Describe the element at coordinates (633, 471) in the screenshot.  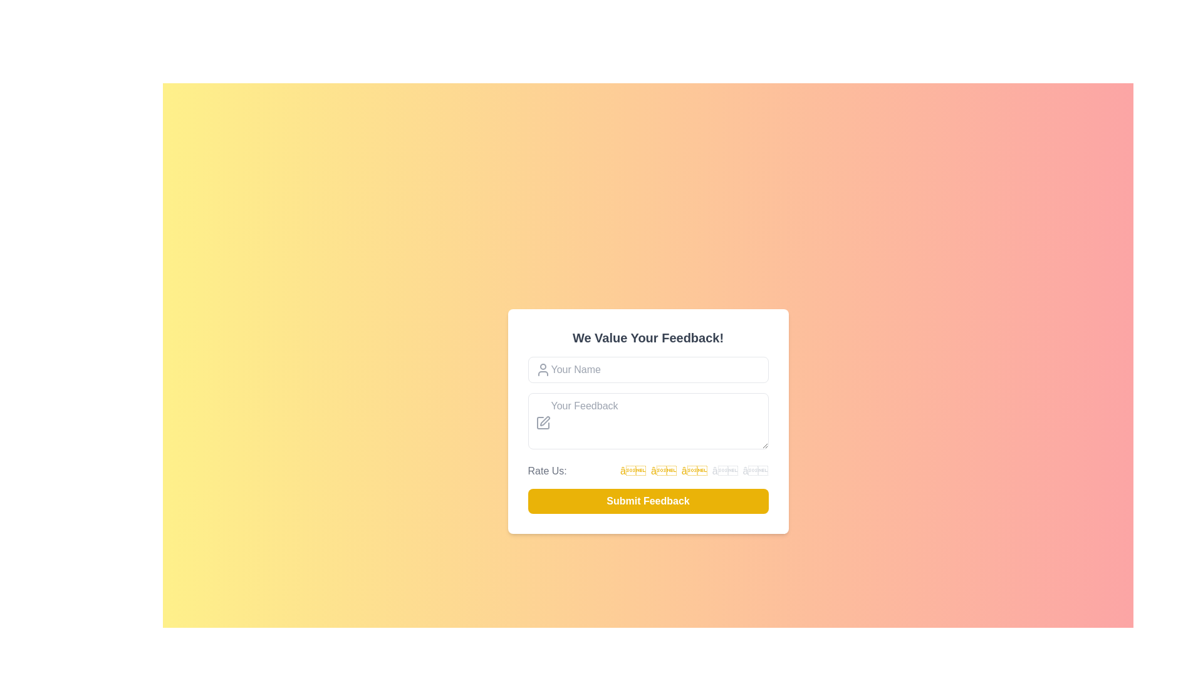
I see `the first star button in the rating group` at that location.